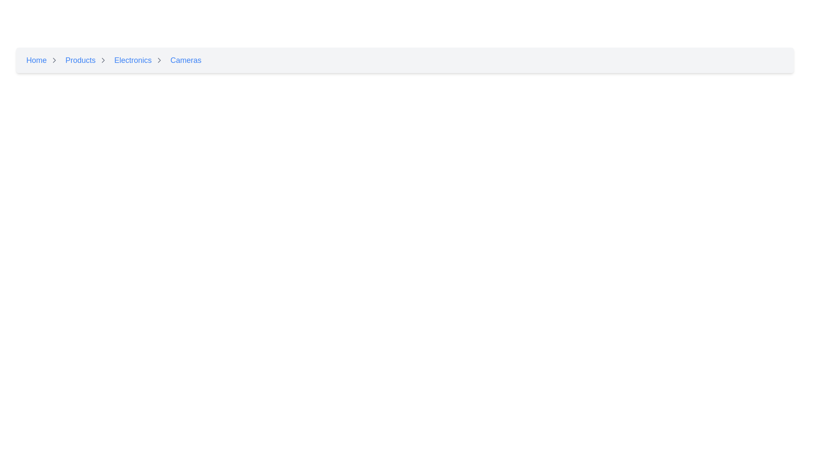  I want to click on the 'Cameras' hyperlink in the breadcrumb navigation bar, which is the fourth item after 'Home', 'Products', and 'Electronics', so click(185, 60).